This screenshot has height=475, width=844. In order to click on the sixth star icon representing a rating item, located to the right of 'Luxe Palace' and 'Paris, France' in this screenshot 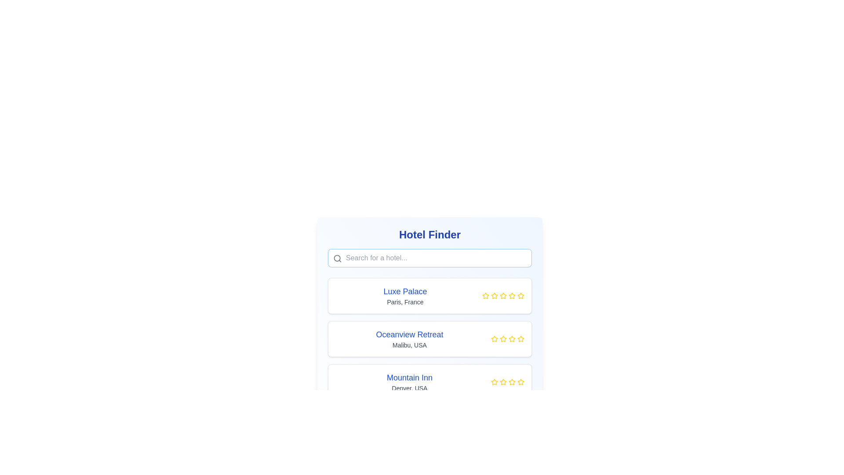, I will do `click(512, 296)`.